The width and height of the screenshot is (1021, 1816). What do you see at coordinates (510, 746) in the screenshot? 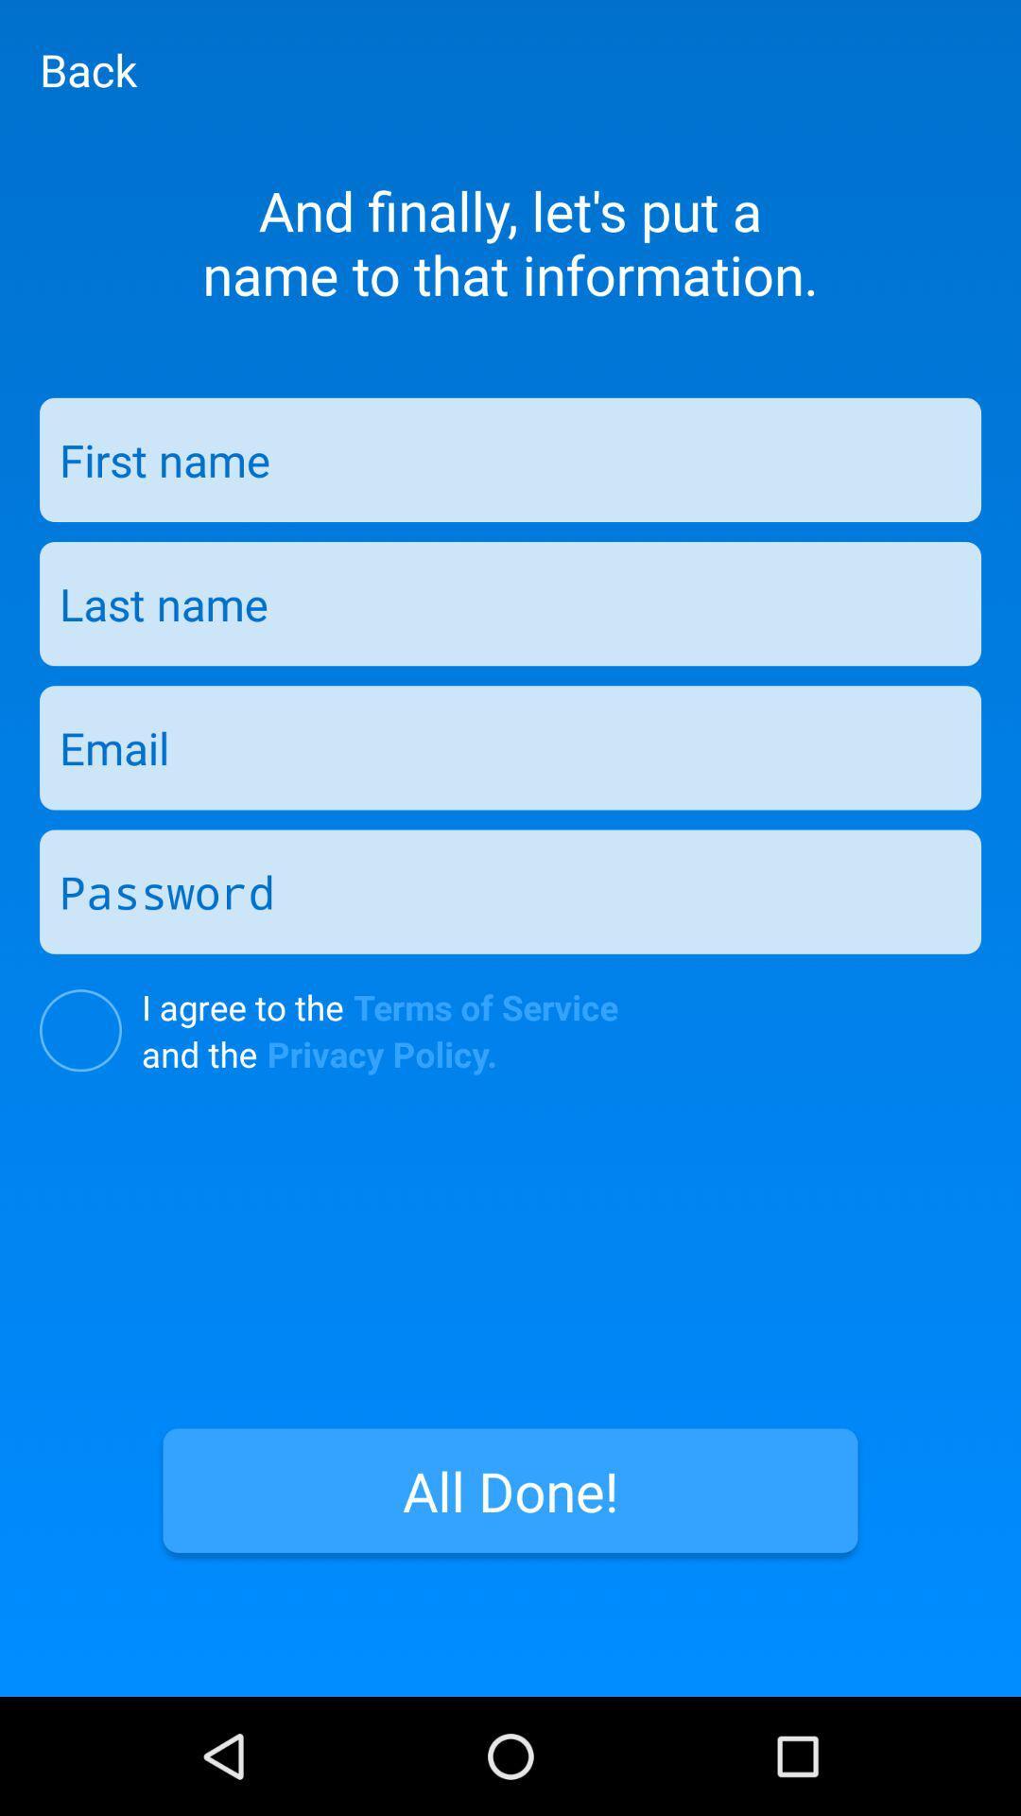
I see `send email` at bounding box center [510, 746].